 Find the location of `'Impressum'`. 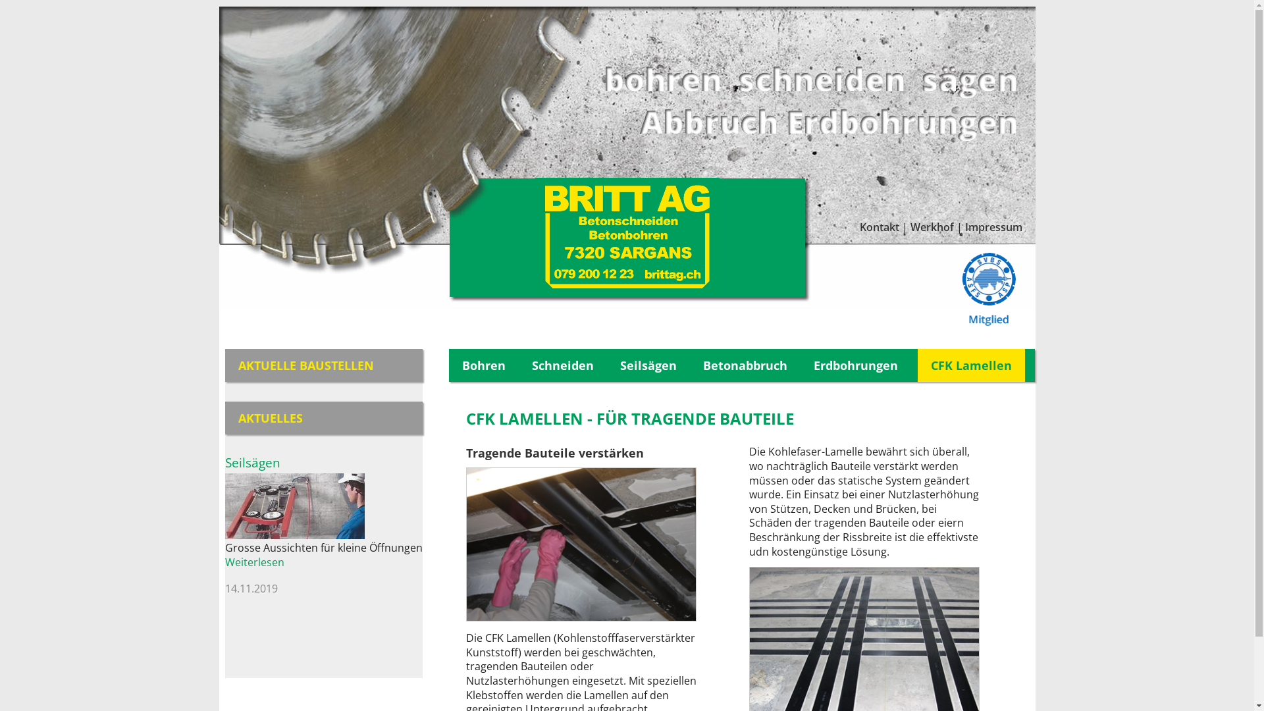

'Impressum' is located at coordinates (993, 226).